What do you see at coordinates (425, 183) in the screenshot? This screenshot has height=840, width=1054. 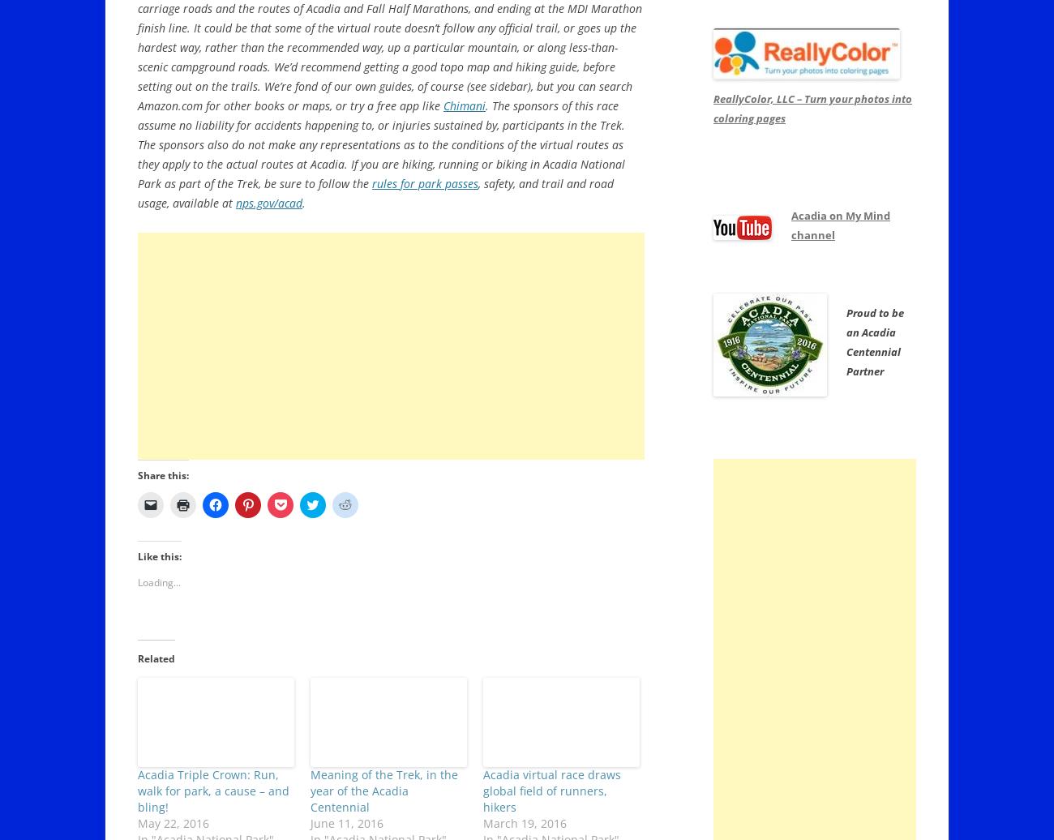 I see `'rules for park passes'` at bounding box center [425, 183].